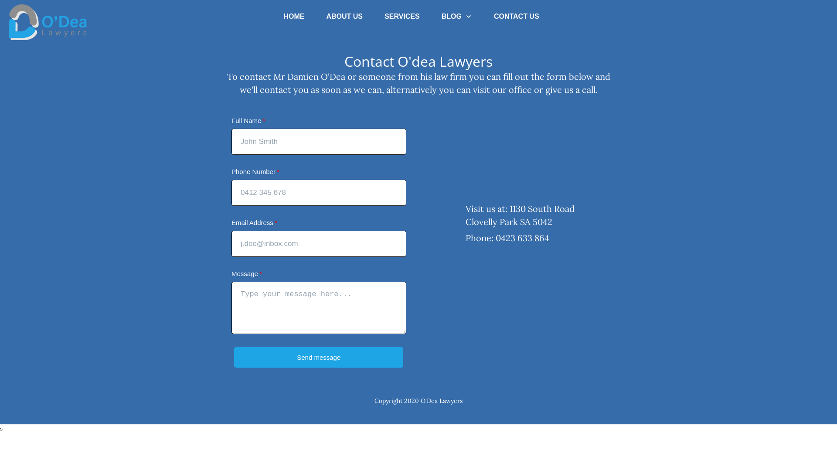 This screenshot has height=471, width=837. Describe the element at coordinates (401, 17) in the screenshot. I see `'SERVICES'` at that location.